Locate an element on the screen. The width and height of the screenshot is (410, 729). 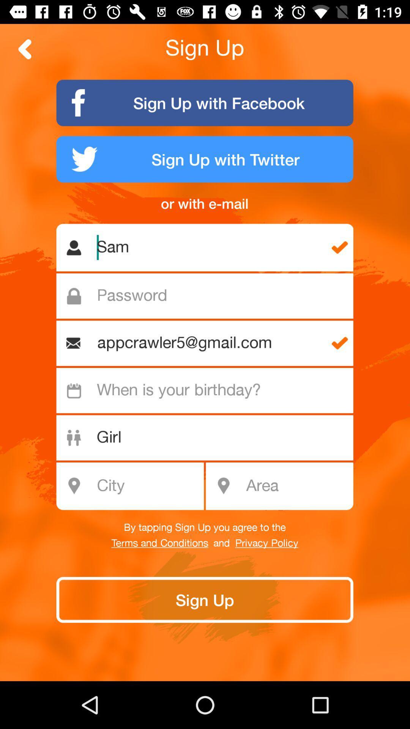
the text below sign up at the top of the page is located at coordinates (205, 102).